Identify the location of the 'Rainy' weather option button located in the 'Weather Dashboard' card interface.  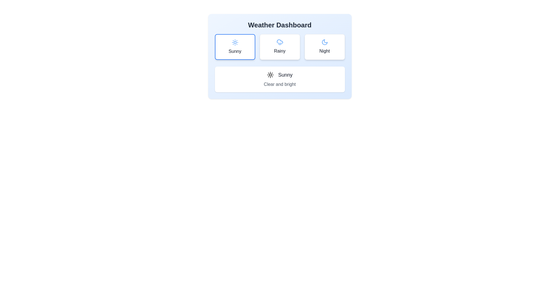
(280, 56).